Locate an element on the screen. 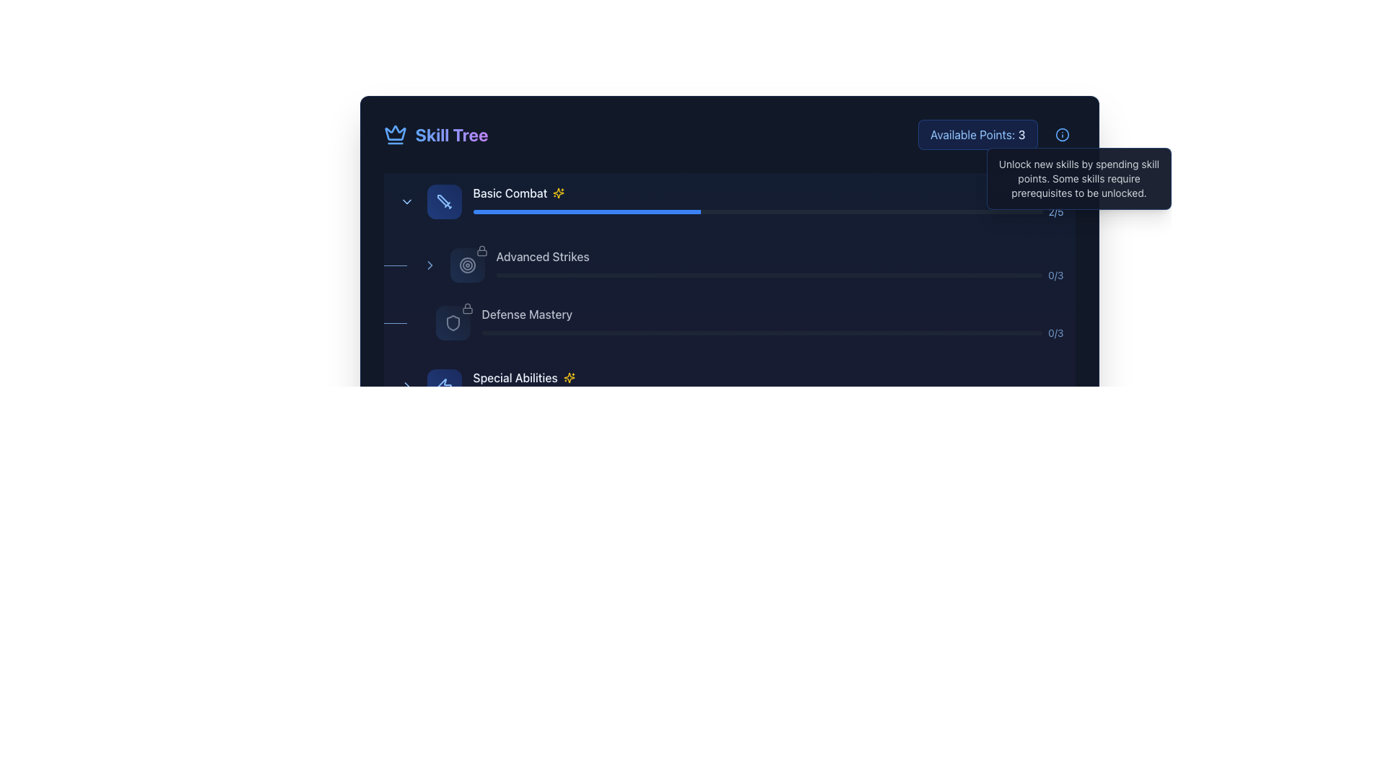  the lock icon in the skill tree UI for 'Defense Mastery', which indicates that this skill is locked and not accessible is located at coordinates (467, 308).